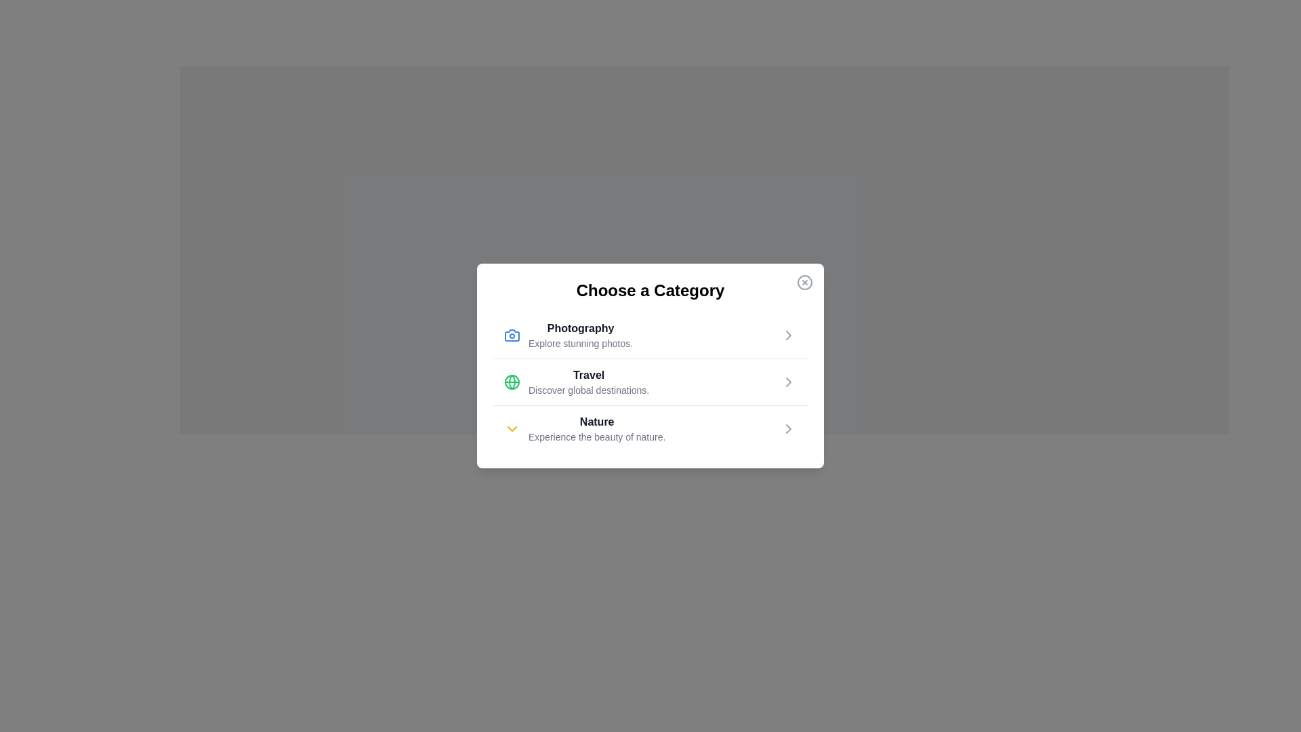 This screenshot has height=732, width=1301. Describe the element at coordinates (589, 390) in the screenshot. I see `the text label that reads 'Discover global destinations.' which is styled with a small font size and gray color, located directly below the bold 'Travel' label in the centered modal` at that location.